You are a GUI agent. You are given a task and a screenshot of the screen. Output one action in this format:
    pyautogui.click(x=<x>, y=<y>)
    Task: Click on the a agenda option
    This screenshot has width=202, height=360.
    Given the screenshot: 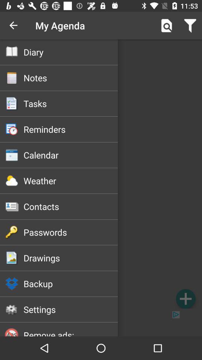 What is the action you would take?
    pyautogui.click(x=185, y=298)
    